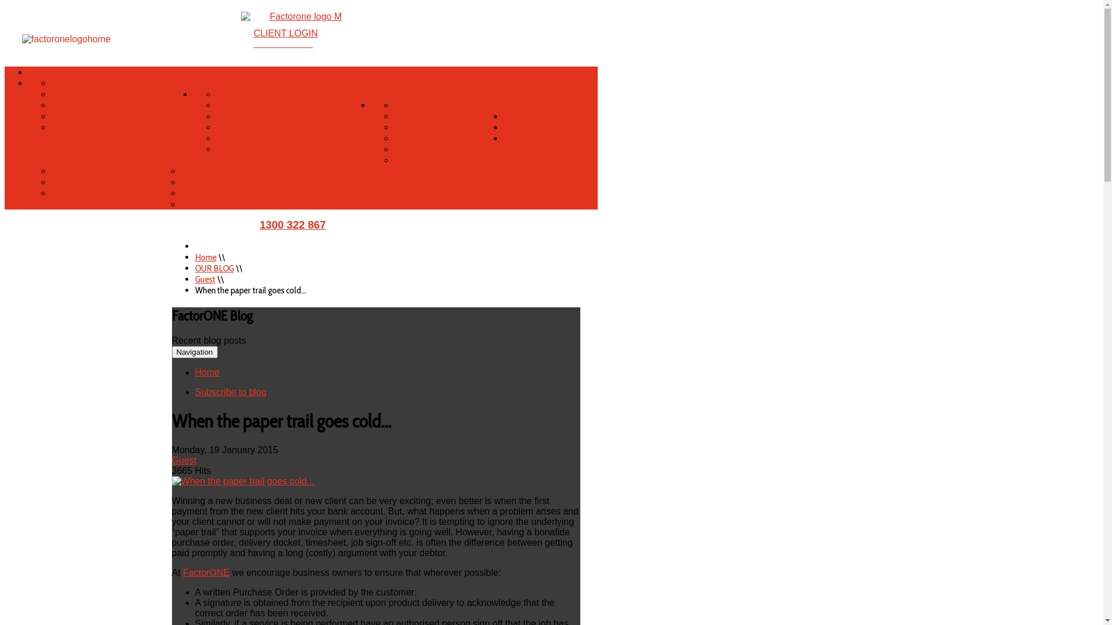 This screenshot has height=625, width=1112. I want to click on 'Subscribe to blog', so click(231, 391).